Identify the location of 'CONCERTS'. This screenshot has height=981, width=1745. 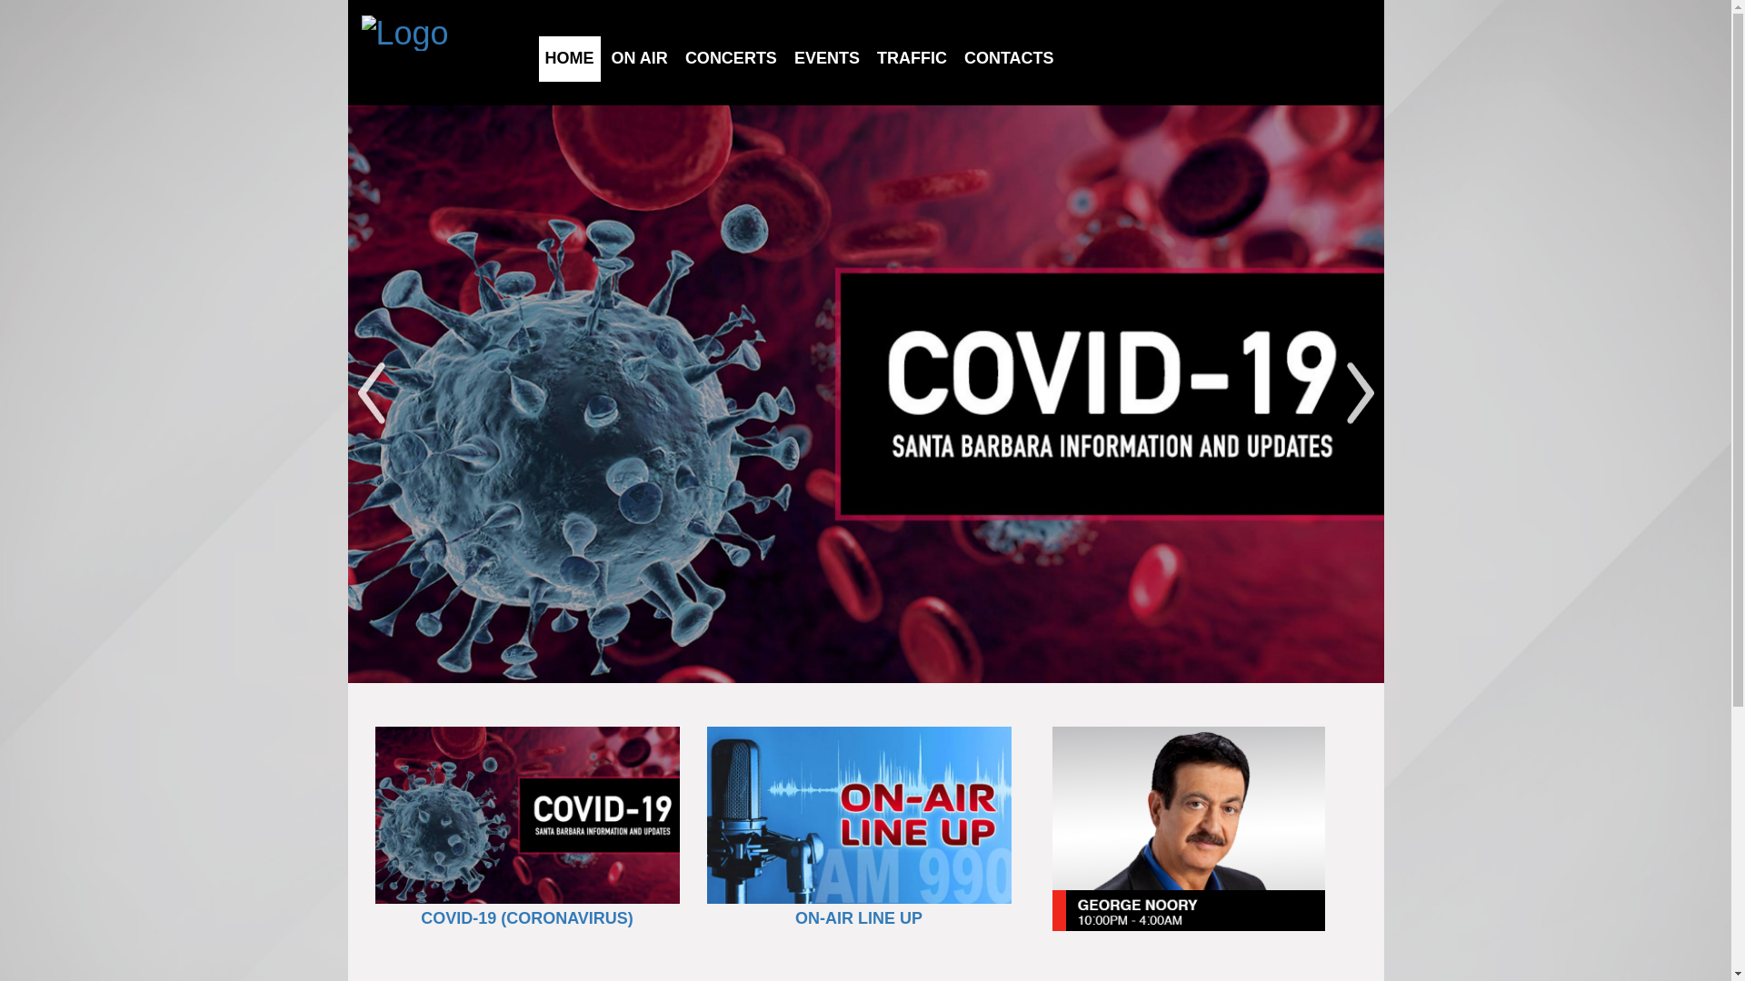
(731, 57).